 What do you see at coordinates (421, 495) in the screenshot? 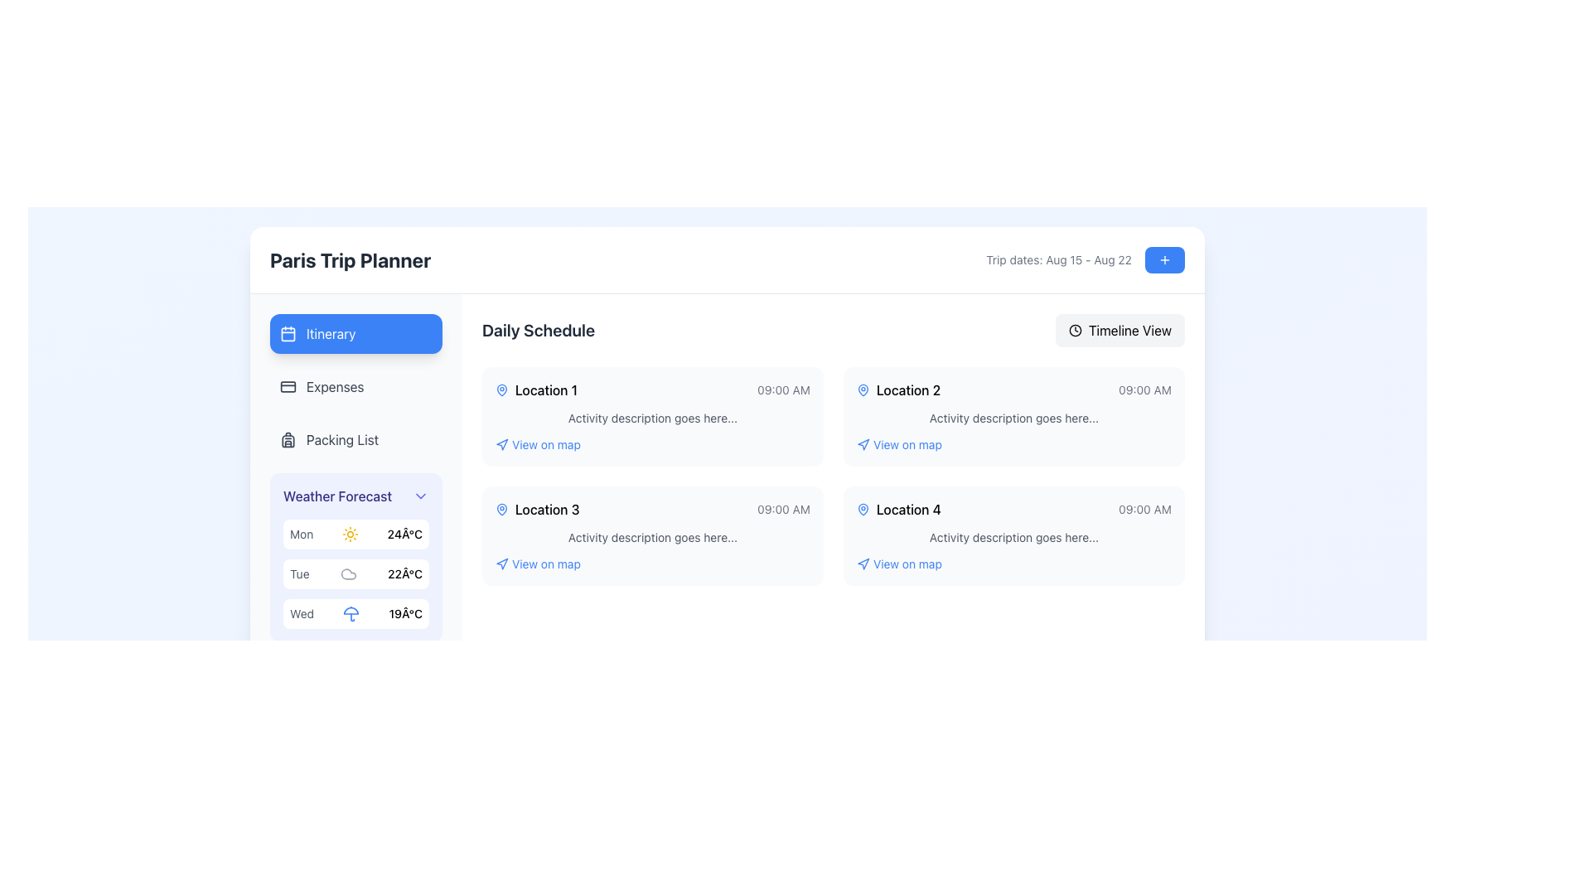
I see `the Icon button located at the far-right of the 'Weather Forecast' section header, adjacent to the text 'Weather Forecast', to observe potential UI feedback` at bounding box center [421, 495].